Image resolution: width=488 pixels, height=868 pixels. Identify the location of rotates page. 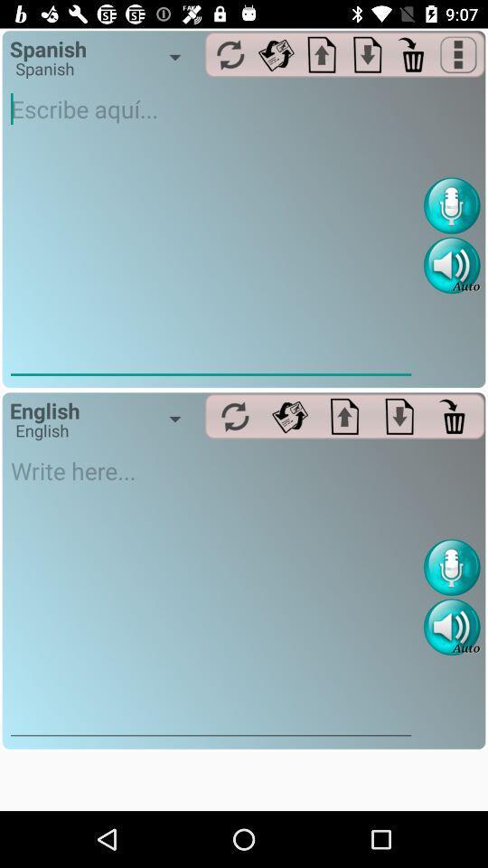
(276, 53).